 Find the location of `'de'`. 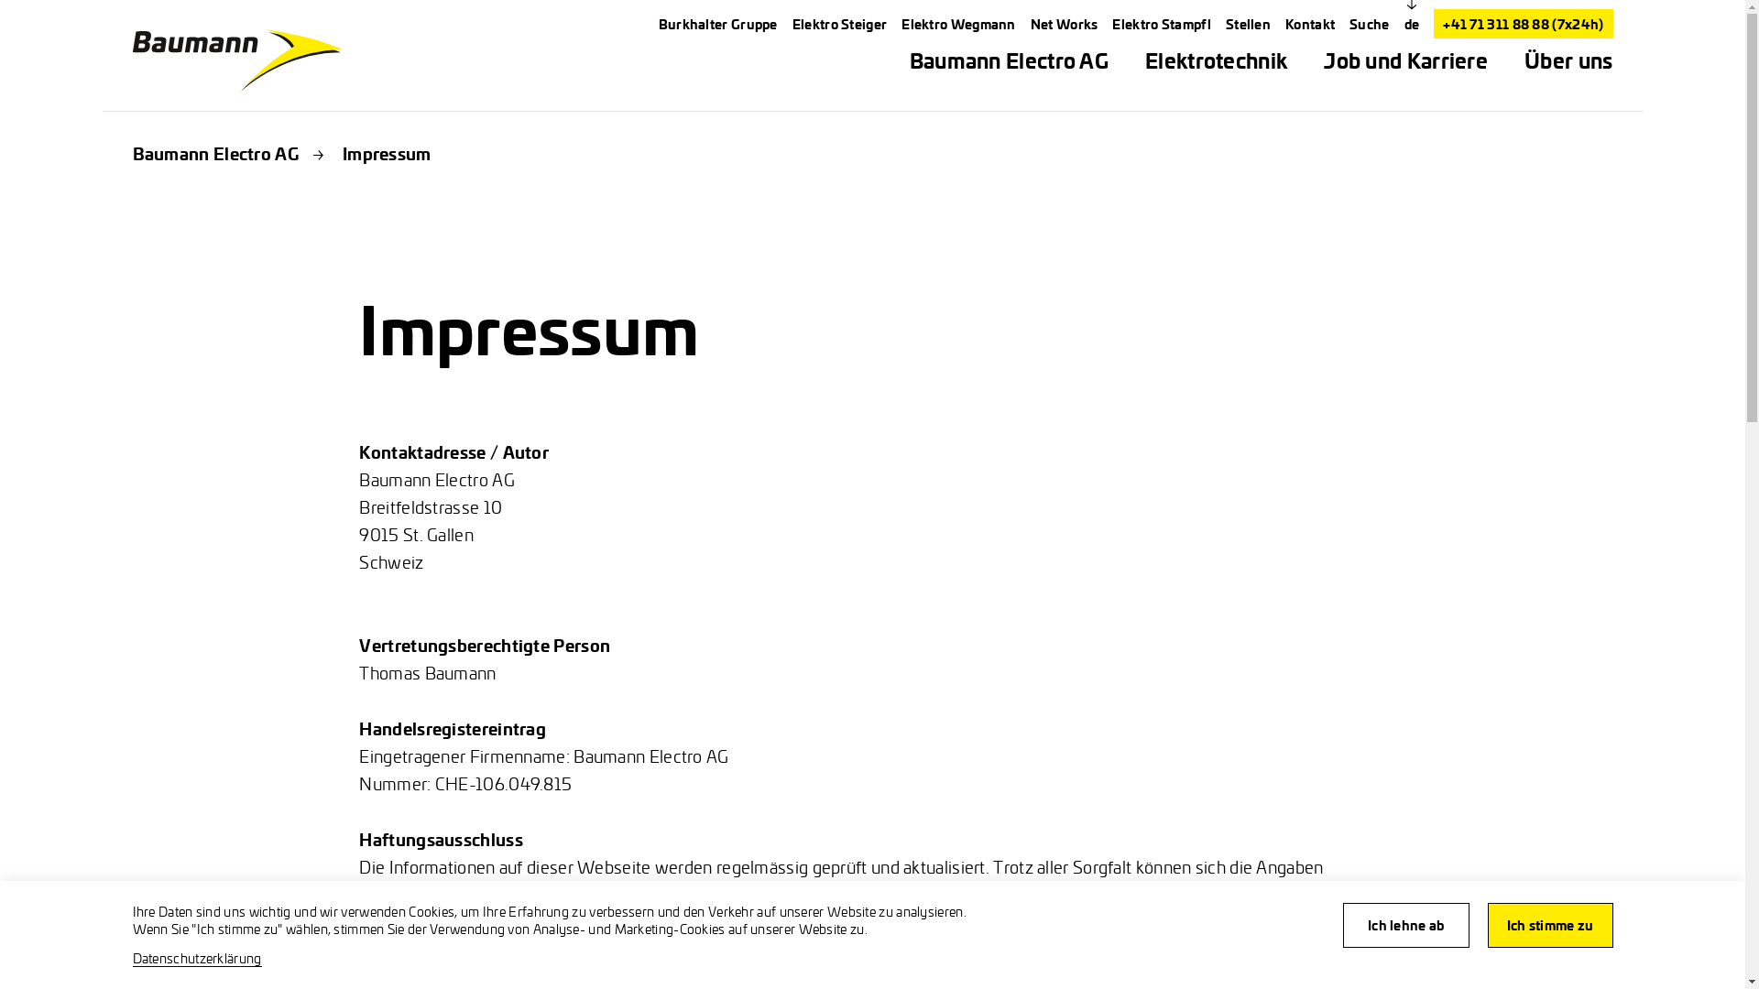

'de' is located at coordinates (1411, 24).